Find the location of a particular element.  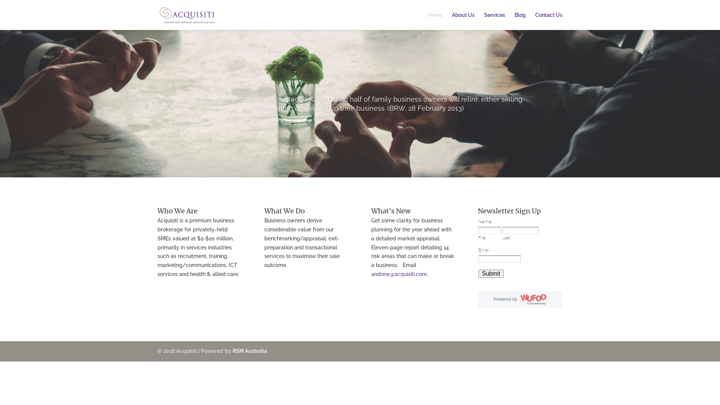

'Contact Us' is located at coordinates (534, 21).